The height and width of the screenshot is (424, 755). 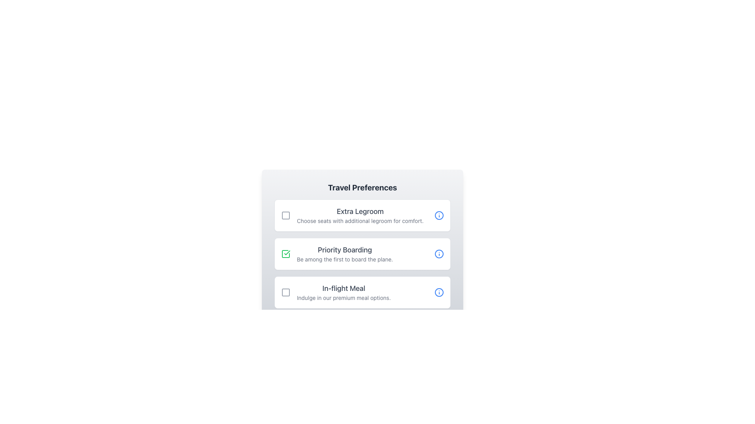 I want to click on explanatory text located directly below the 'Priority Boarding' section, which provides additional information about the option, so click(x=345, y=259).